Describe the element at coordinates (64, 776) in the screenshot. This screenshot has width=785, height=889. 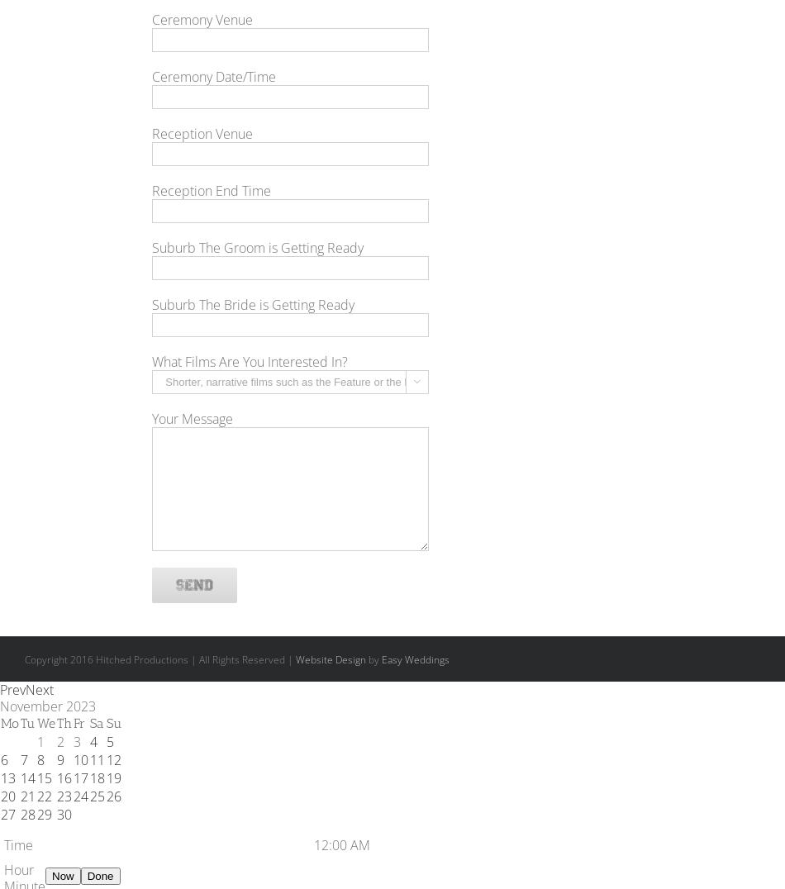
I see `'16'` at that location.